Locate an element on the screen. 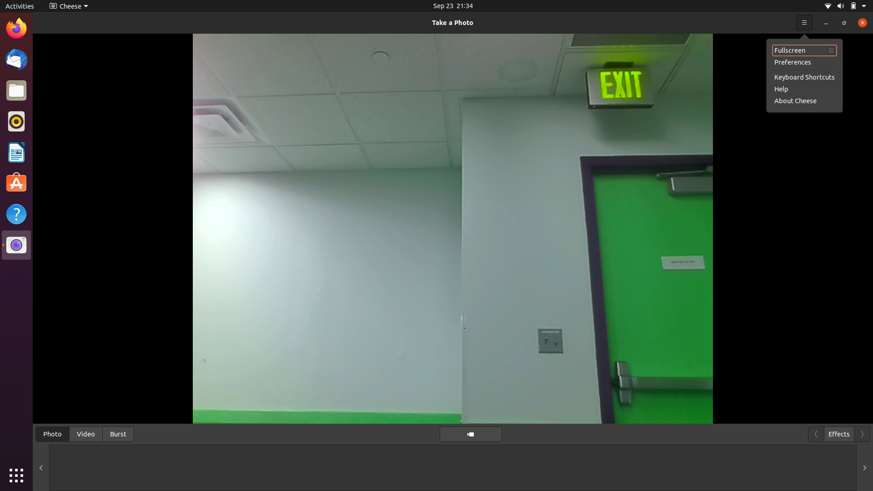 This screenshot has width=873, height=491. View all captured videos is located at coordinates (85, 433).